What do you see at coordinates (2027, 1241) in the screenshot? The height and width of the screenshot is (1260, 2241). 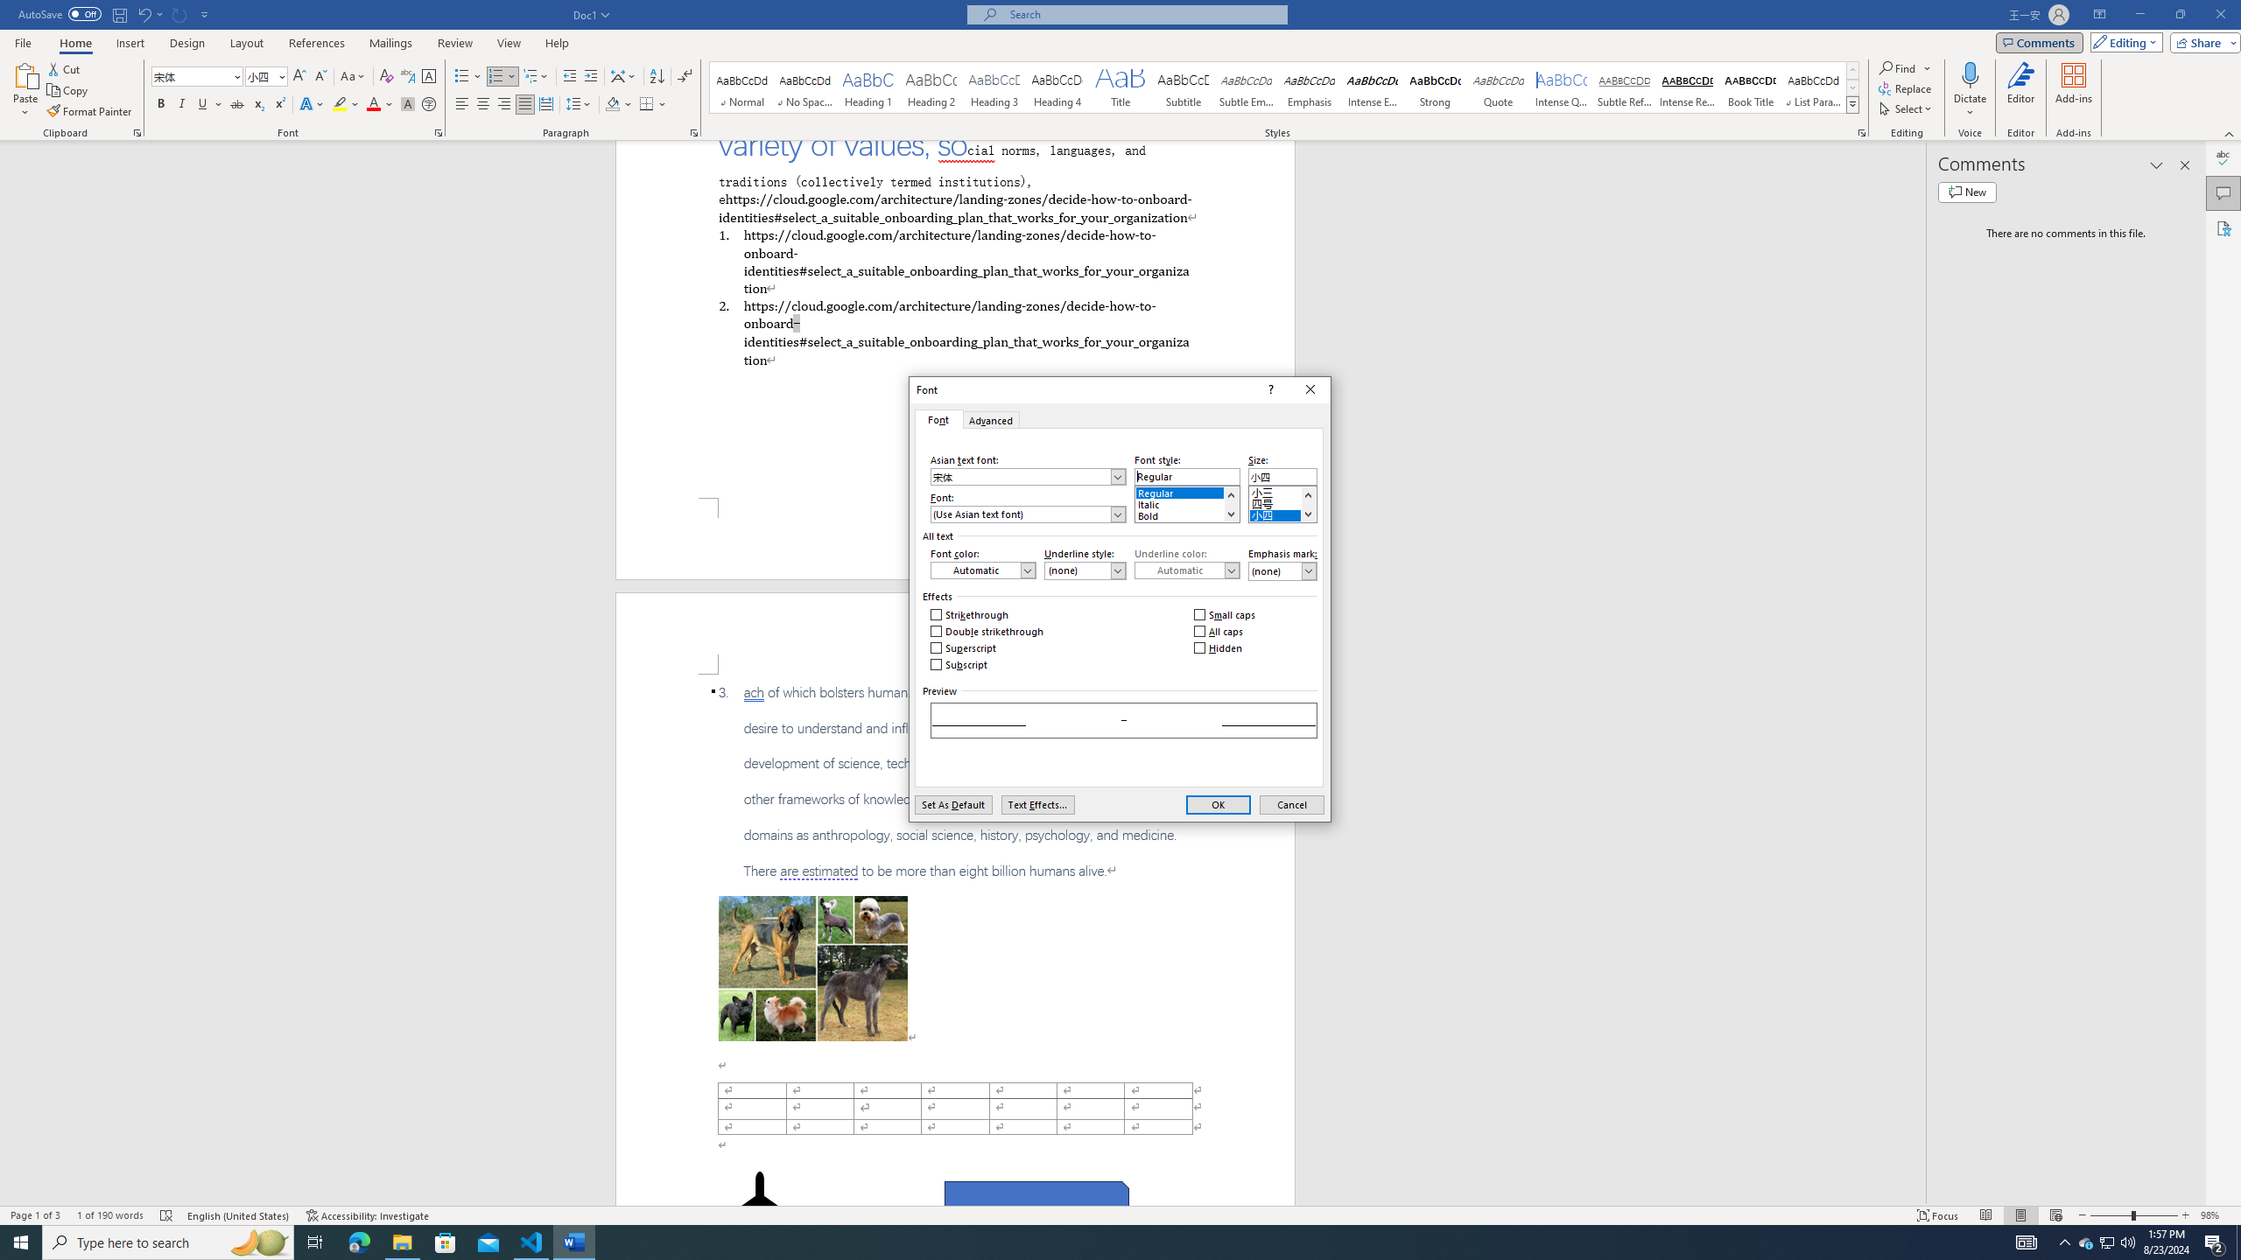 I see `'AutomationID: 4105'` at bounding box center [2027, 1241].